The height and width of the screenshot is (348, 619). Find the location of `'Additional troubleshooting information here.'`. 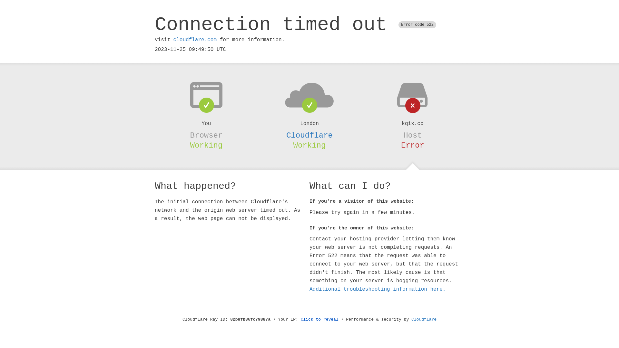

'Additional troubleshooting information here.' is located at coordinates (378, 289).